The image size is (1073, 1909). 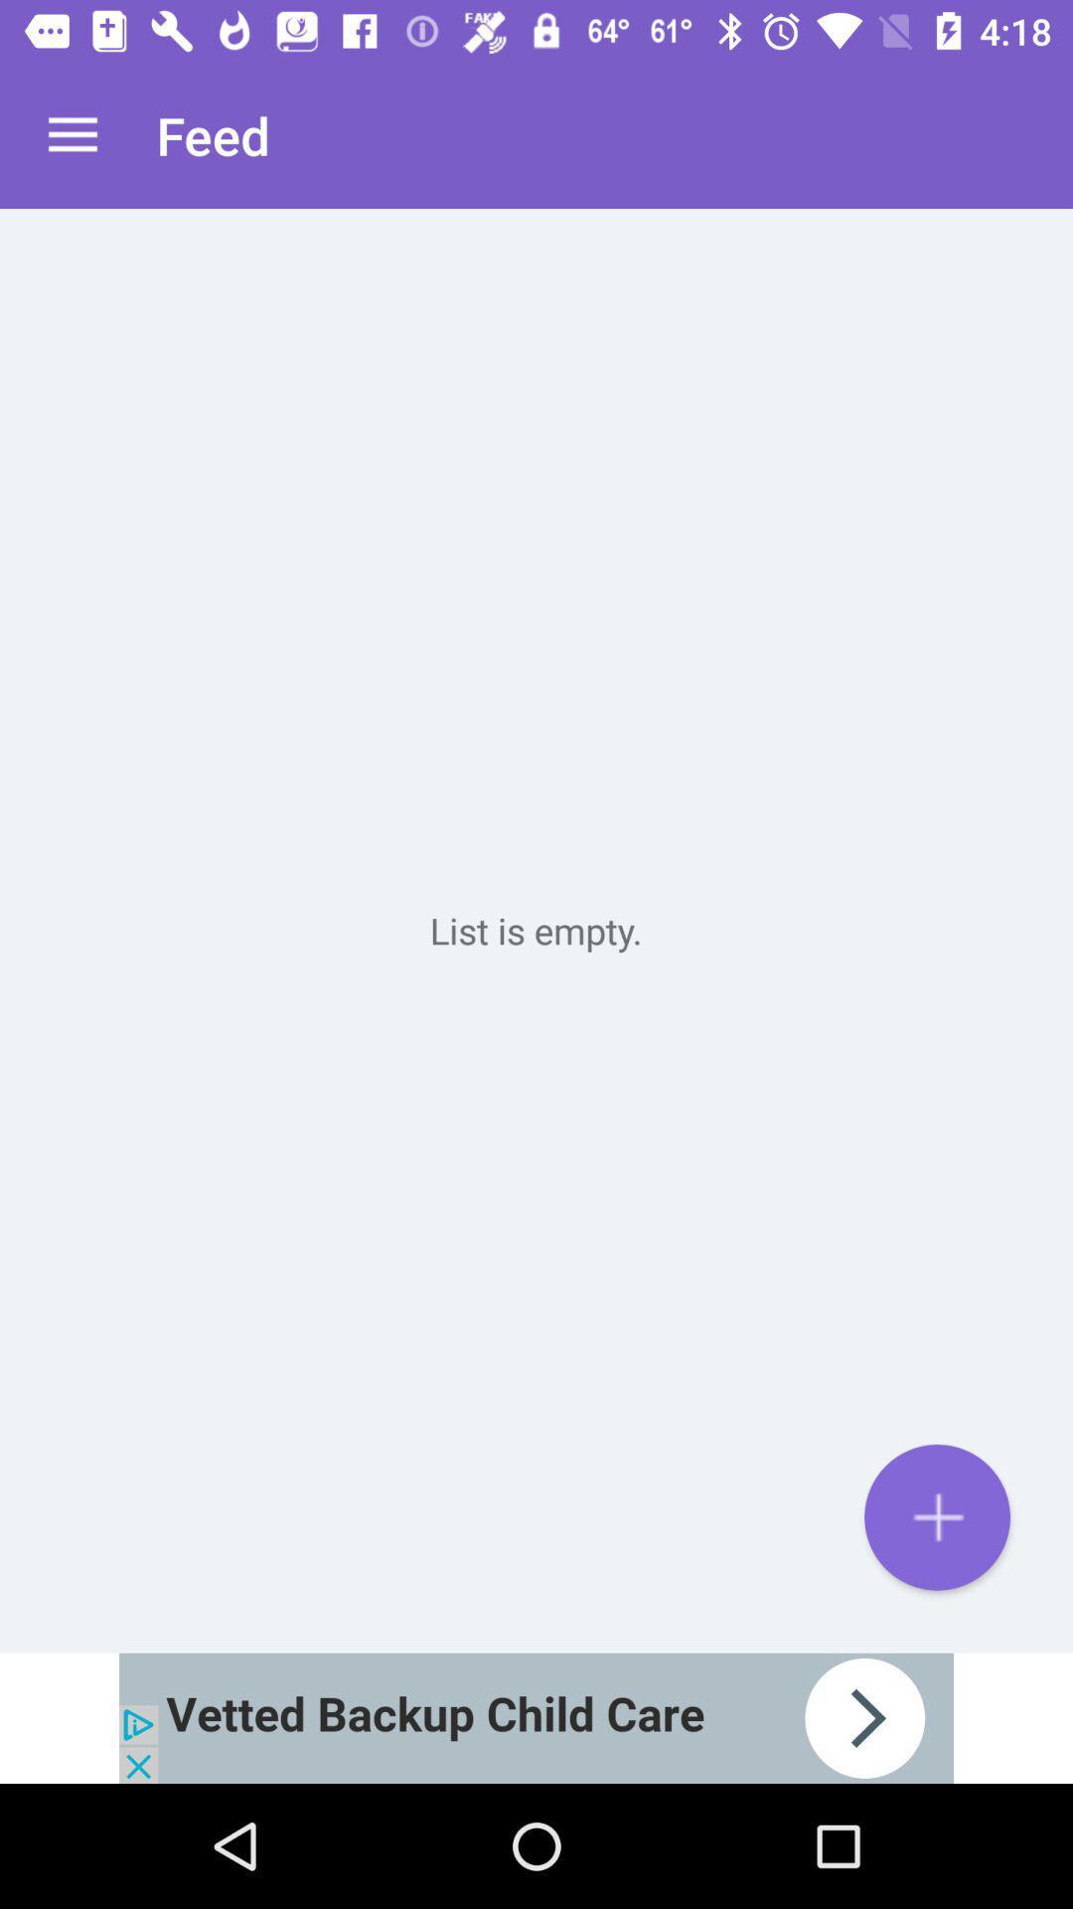 What do you see at coordinates (937, 1516) in the screenshot?
I see `the add icon` at bounding box center [937, 1516].